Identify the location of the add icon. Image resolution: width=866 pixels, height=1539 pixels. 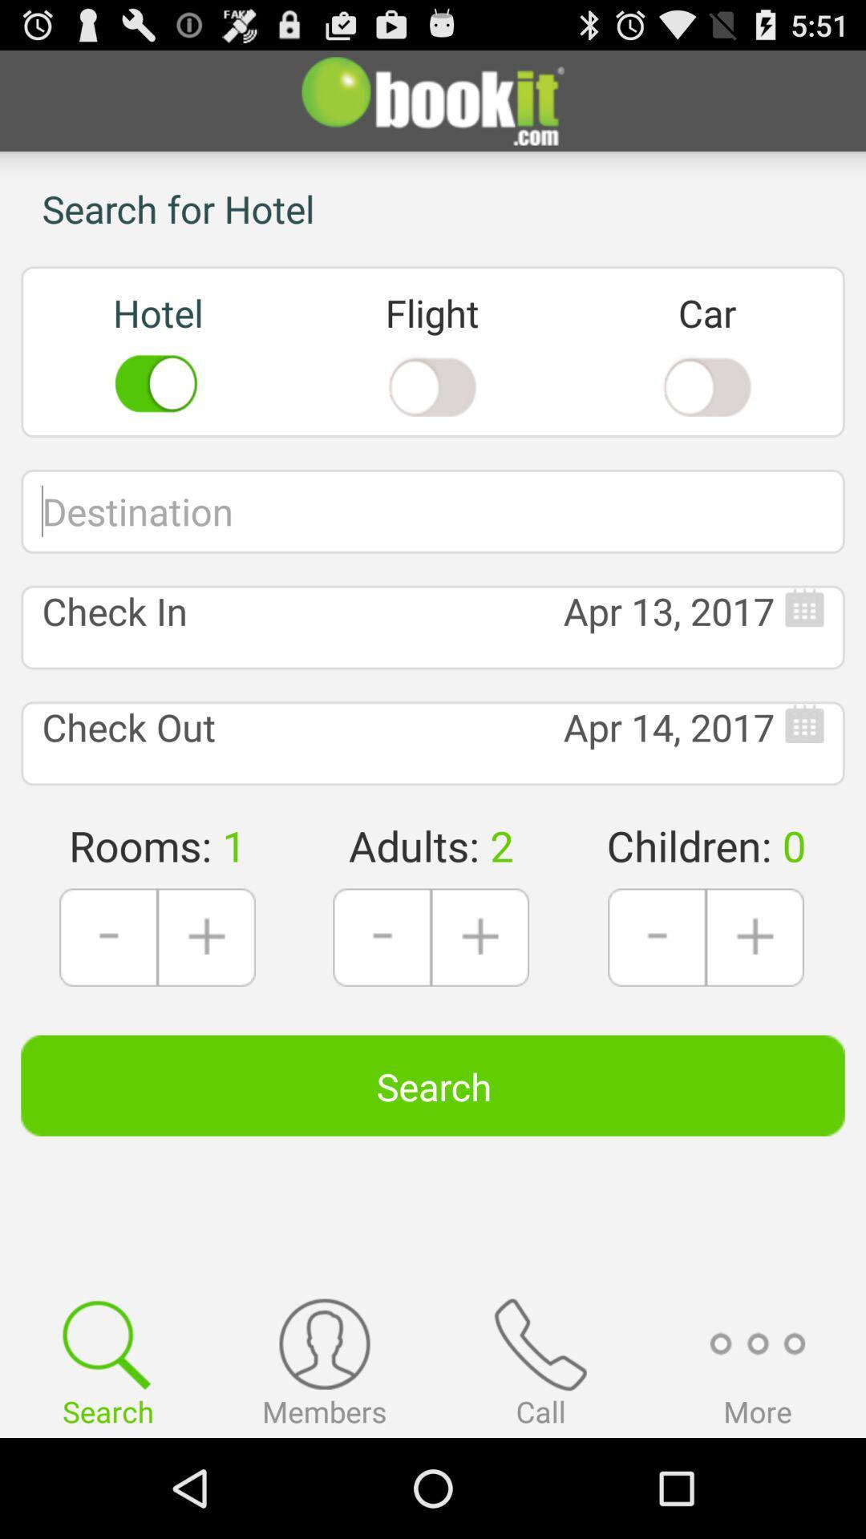
(755, 1002).